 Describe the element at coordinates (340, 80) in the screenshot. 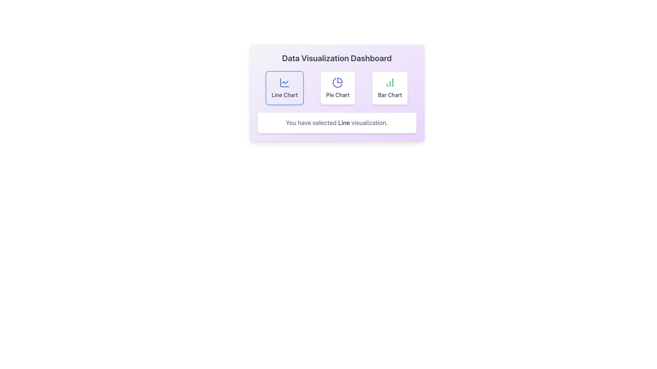

I see `the left segment of the pie chart icon located in the middle pane of the dashboard under the 'Pie Chart' section` at that location.